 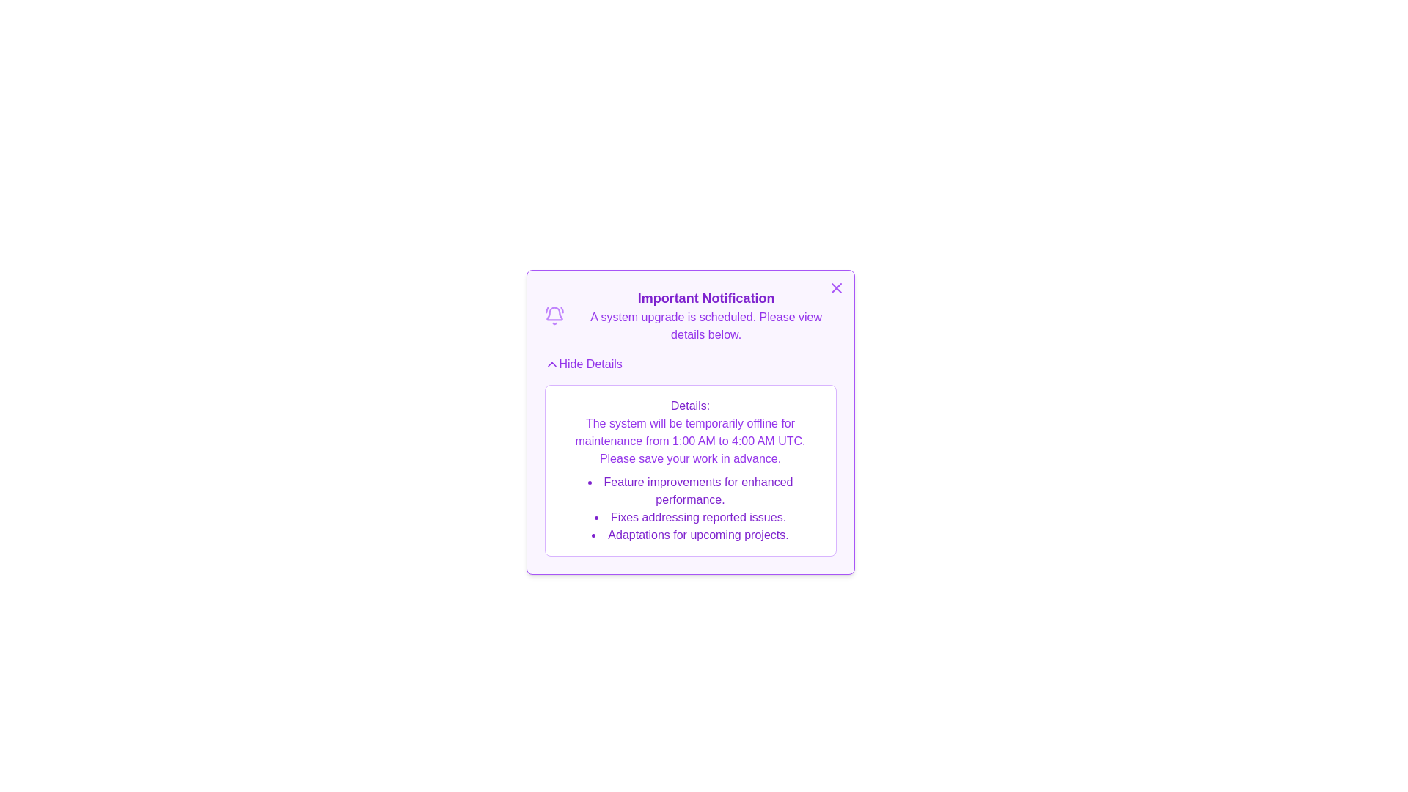 I want to click on the text within the alert by selecting it, so click(x=555, y=415).